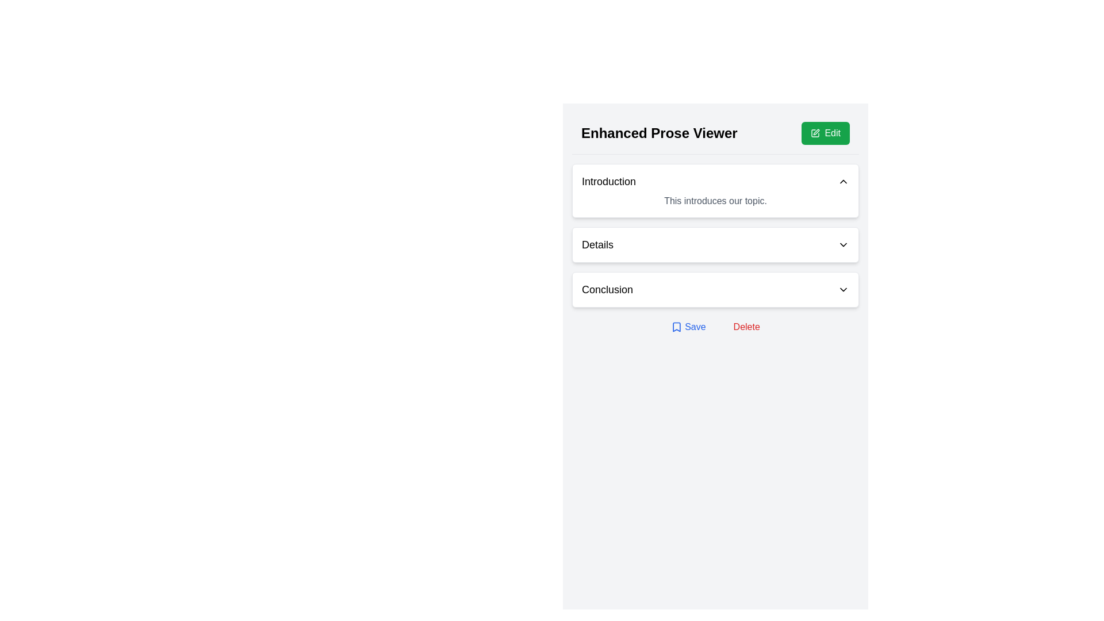  I want to click on the delete button located at the bottom right of the visible card interface, so click(746, 327).